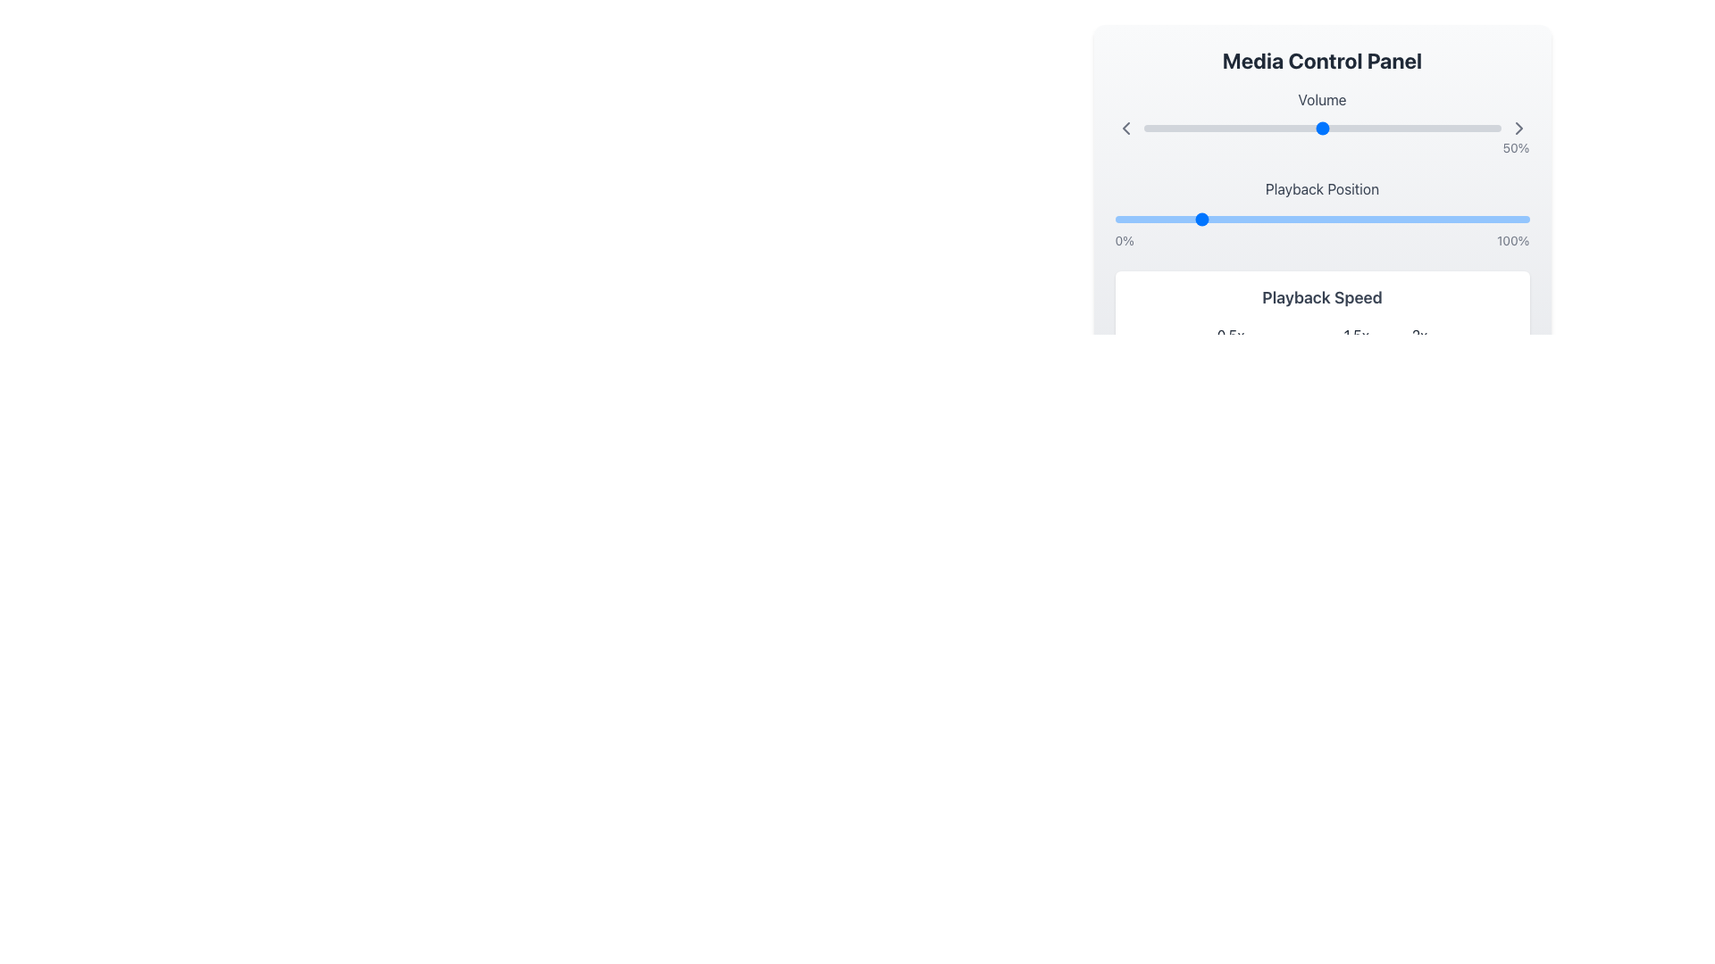 This screenshot has width=1715, height=964. Describe the element at coordinates (1322, 241) in the screenshot. I see `text label indicating the playback position range, which shows '0%' and '100%', located beneath the playback position slider` at that location.